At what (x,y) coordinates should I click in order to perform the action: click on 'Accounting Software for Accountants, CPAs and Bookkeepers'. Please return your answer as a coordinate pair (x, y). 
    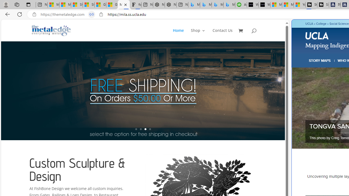
    Looking at the image, I should click on (240, 5).